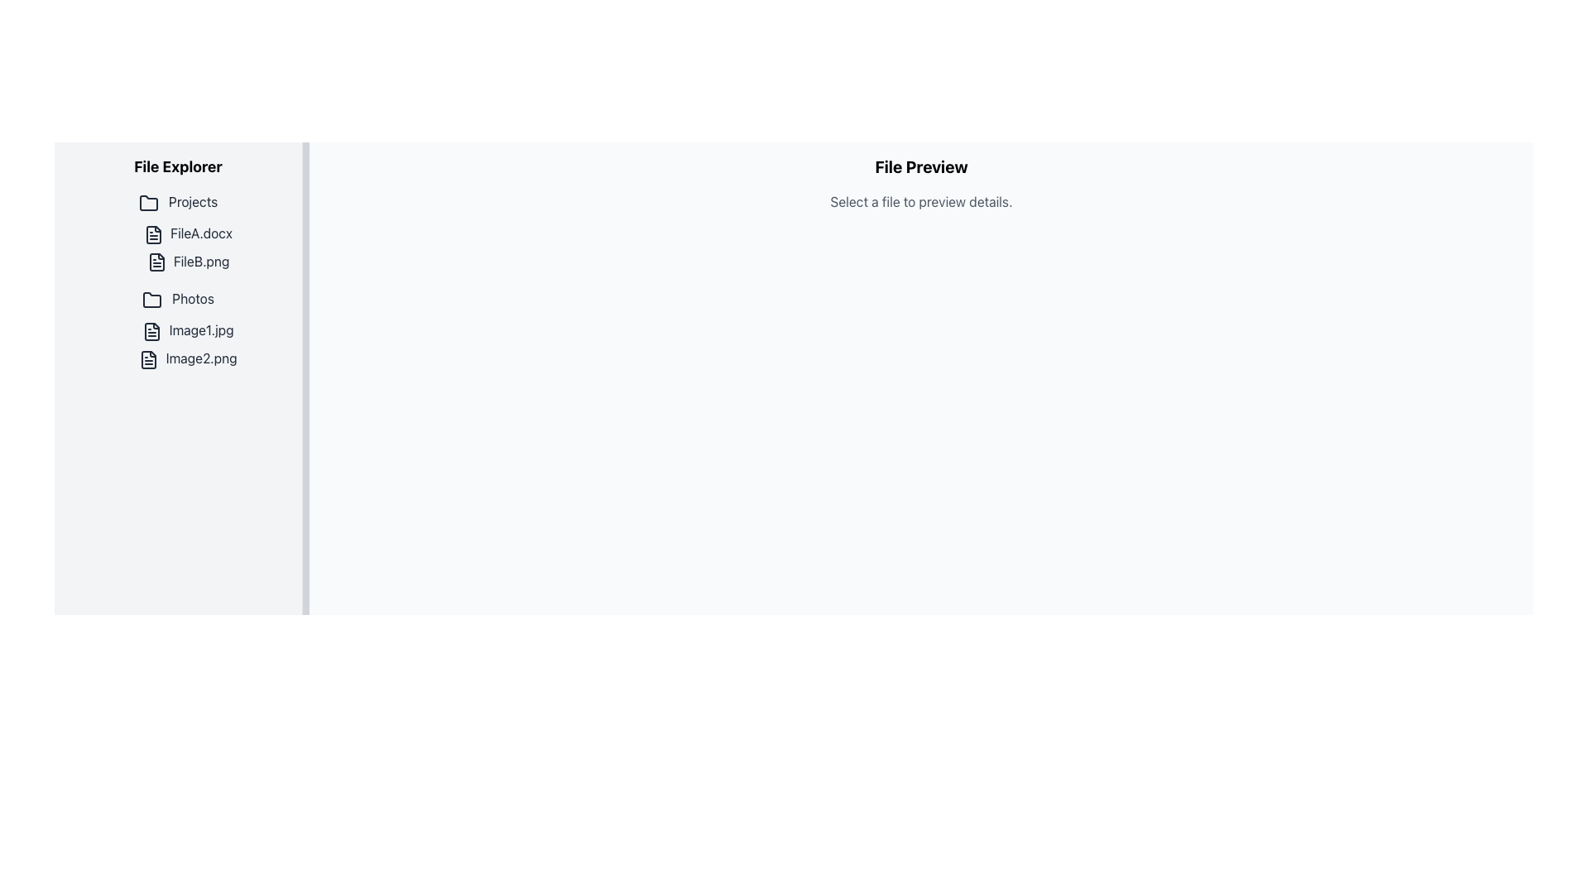 The width and height of the screenshot is (1589, 894). I want to click on the icon representing the file 'Image1.jpg' located in the 'File Explorer' section to interact with the file, so click(152, 331).